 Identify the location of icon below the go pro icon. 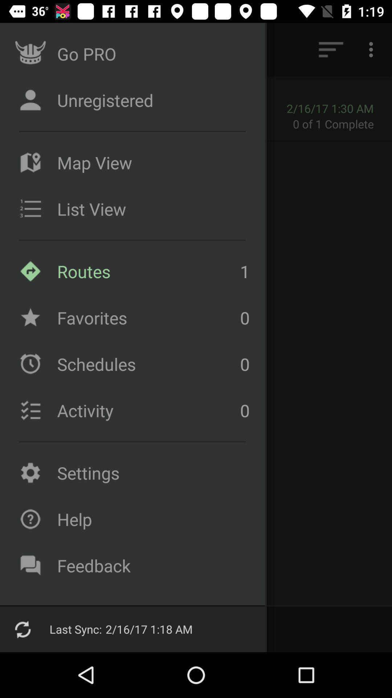
(62, 108).